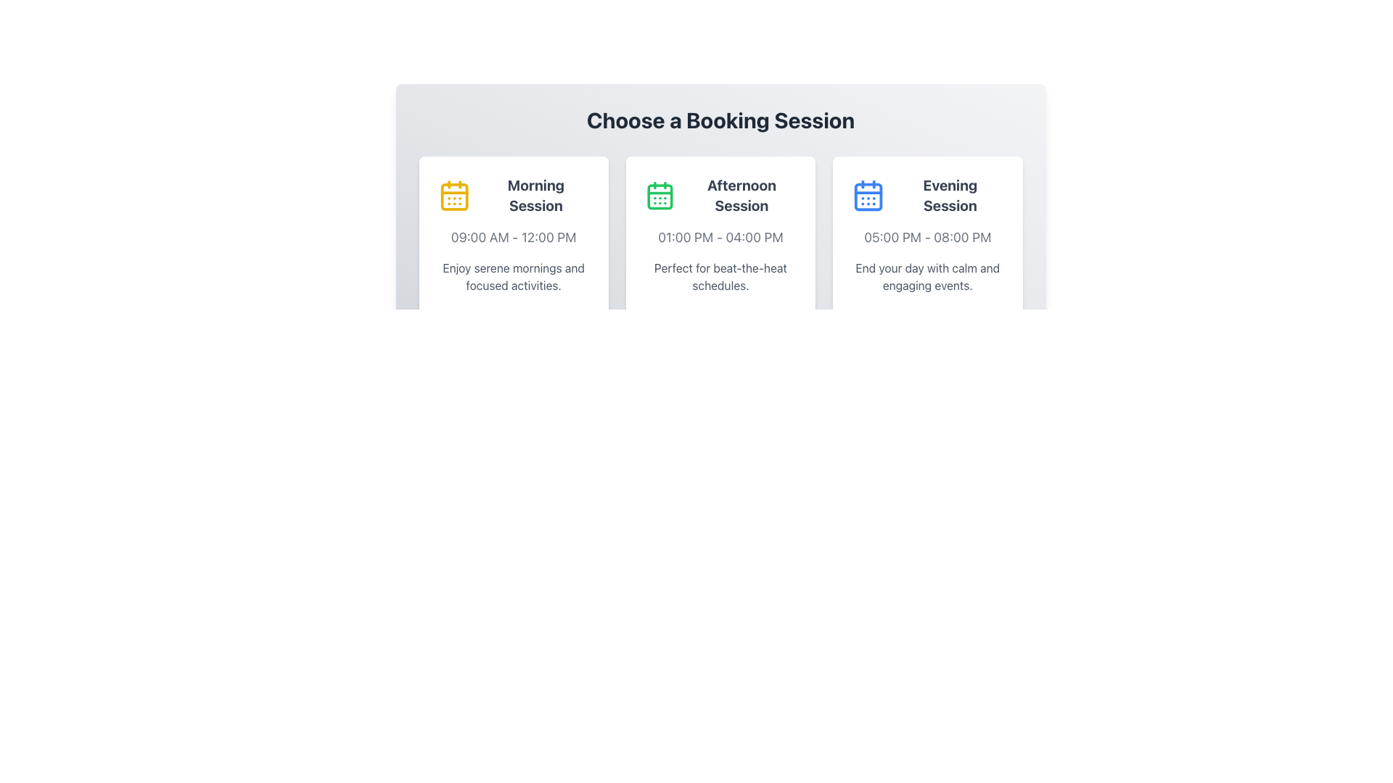 This screenshot has width=1393, height=783. I want to click on the decorative calendar icon in the top-left 'Morning Session' card of the booking selection interface, so click(453, 196).